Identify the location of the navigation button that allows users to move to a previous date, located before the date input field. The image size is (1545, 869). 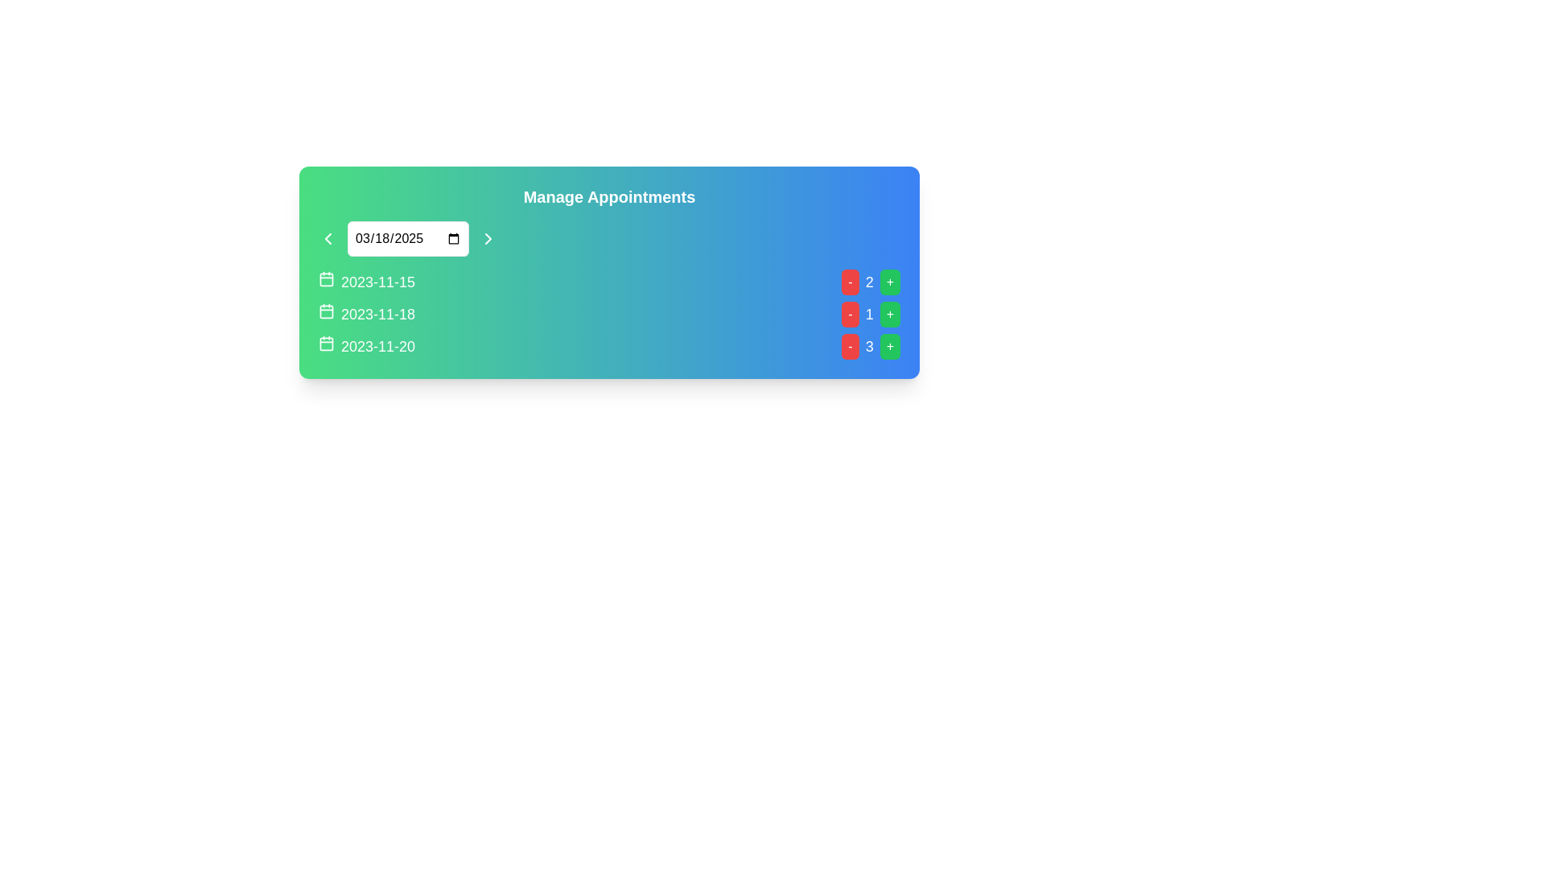
(328, 239).